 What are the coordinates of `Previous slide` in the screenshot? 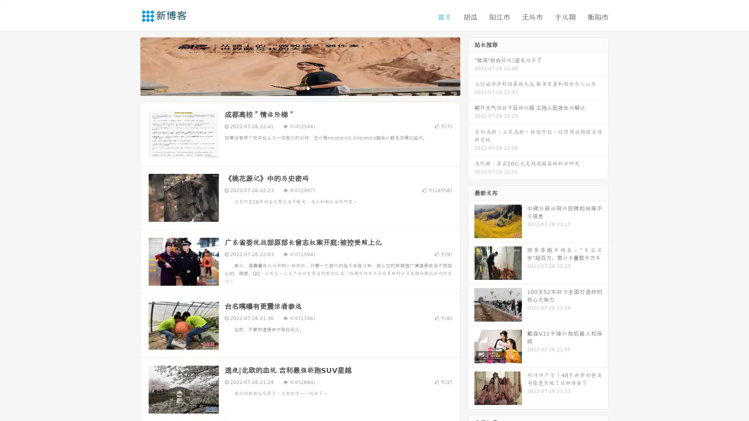 It's located at (129, 65).